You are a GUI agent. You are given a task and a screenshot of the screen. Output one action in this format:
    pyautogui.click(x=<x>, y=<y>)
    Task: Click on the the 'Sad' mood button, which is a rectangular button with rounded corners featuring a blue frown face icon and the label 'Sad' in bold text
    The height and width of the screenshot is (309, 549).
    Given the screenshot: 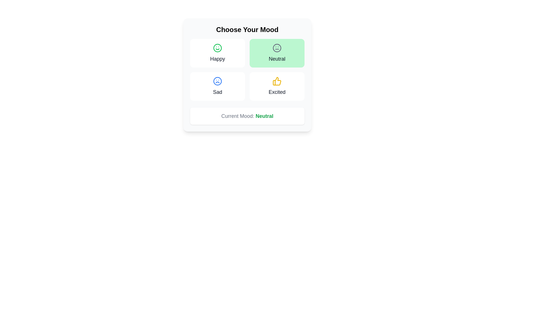 What is the action you would take?
    pyautogui.click(x=217, y=86)
    